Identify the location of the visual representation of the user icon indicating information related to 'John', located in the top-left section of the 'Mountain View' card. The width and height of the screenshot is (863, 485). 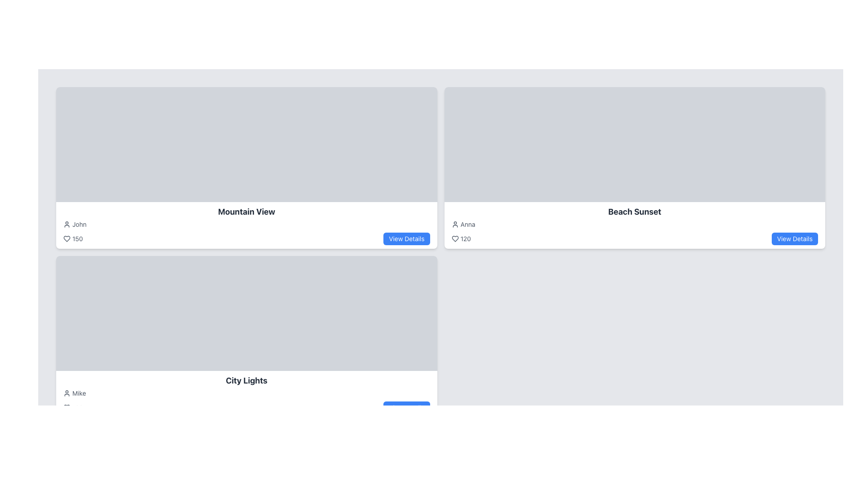
(66, 224).